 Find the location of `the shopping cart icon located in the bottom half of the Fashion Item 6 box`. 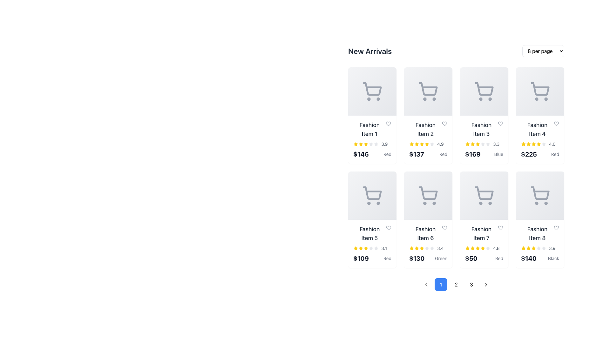

the shopping cart icon located in the bottom half of the Fashion Item 6 box is located at coordinates (428, 195).